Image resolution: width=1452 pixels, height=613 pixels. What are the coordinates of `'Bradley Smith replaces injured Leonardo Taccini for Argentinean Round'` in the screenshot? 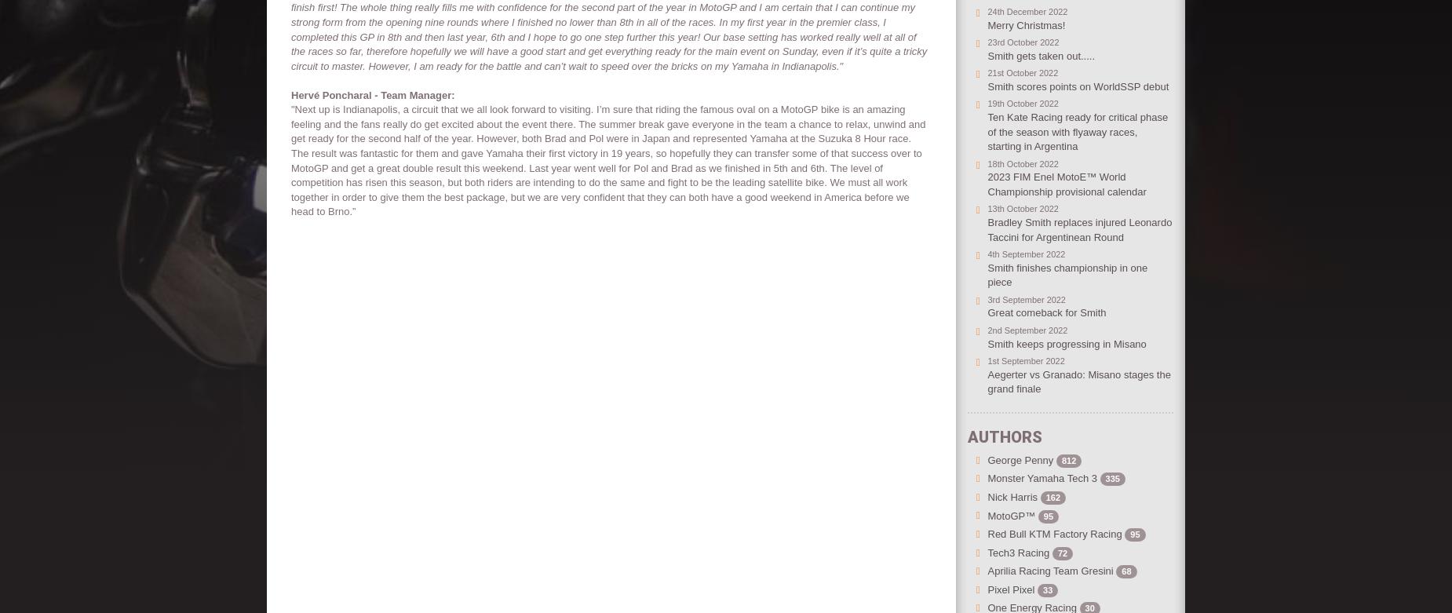 It's located at (1078, 229).